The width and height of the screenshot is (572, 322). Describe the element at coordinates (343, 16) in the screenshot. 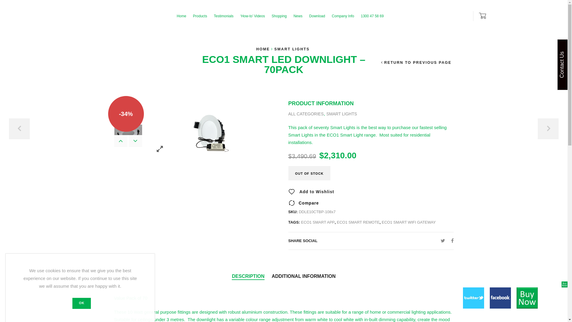

I see `'Company Info'` at that location.